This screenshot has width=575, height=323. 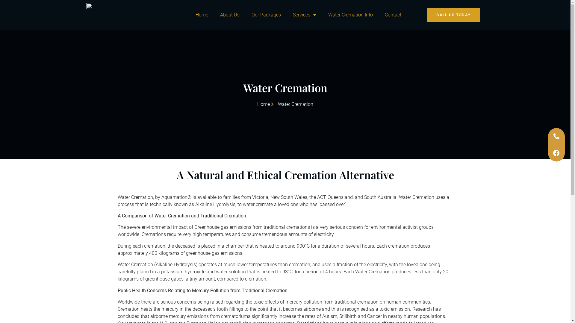 I want to click on 'Water Cremation Info', so click(x=350, y=15).